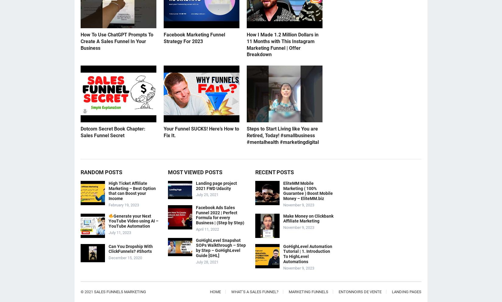 Image resolution: width=502 pixels, height=302 pixels. Describe the element at coordinates (124, 204) in the screenshot. I see `'February 19, 2023'` at that location.